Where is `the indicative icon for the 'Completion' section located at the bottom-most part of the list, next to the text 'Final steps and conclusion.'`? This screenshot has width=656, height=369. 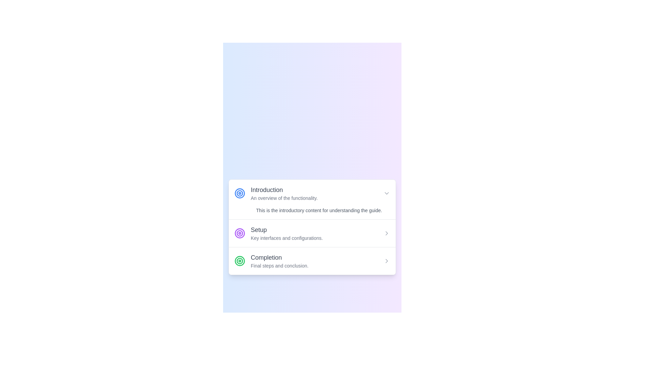 the indicative icon for the 'Completion' section located at the bottom-most part of the list, next to the text 'Final steps and conclusion.' is located at coordinates (240, 261).